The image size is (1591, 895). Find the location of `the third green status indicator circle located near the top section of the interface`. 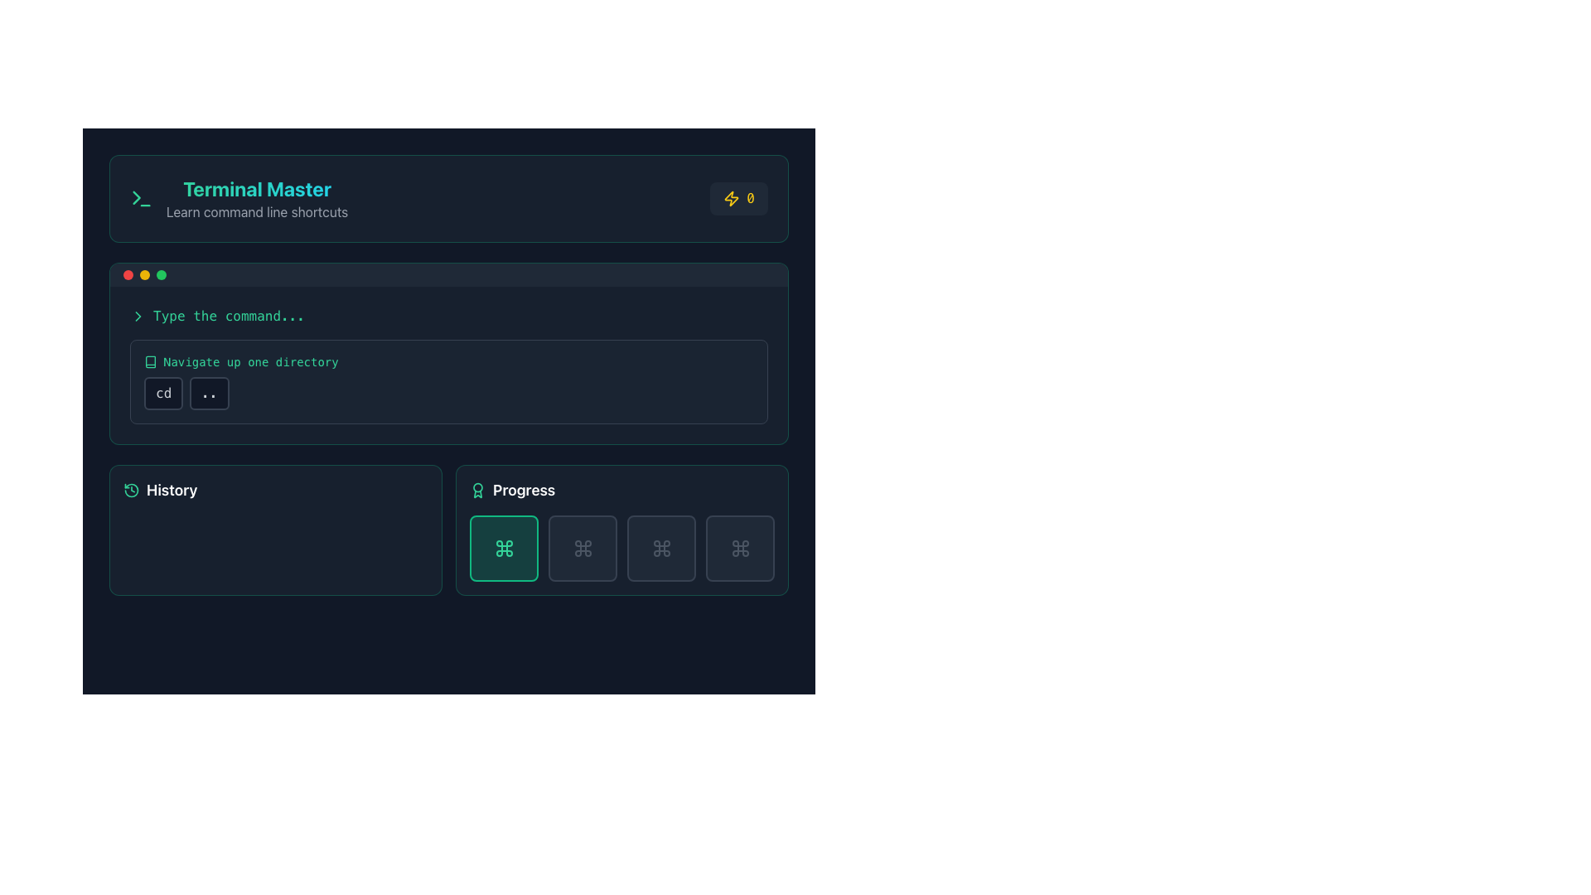

the third green status indicator circle located near the top section of the interface is located at coordinates (162, 273).